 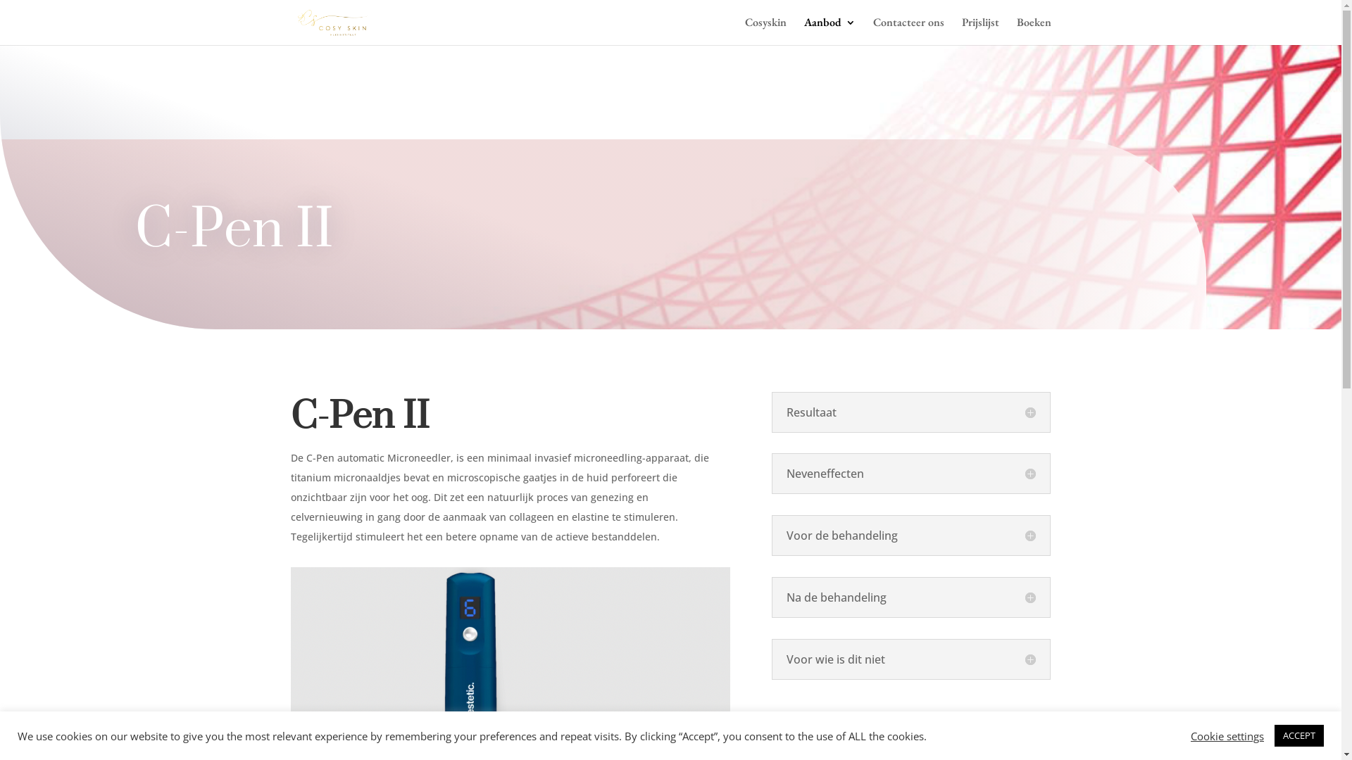 I want to click on 'Aanbod', so click(x=830, y=31).